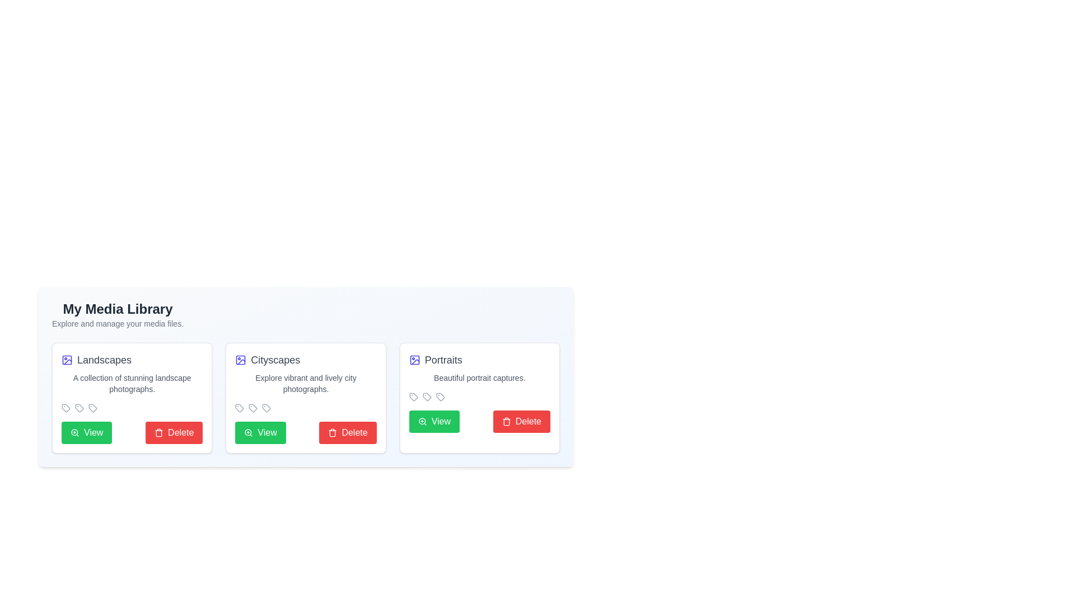  What do you see at coordinates (253, 408) in the screenshot?
I see `the tag icon element located on the second card labeled 'Cityscapes' in the media library interface, which serves as a decorative or indicative icon for a 'tag' feature` at bounding box center [253, 408].